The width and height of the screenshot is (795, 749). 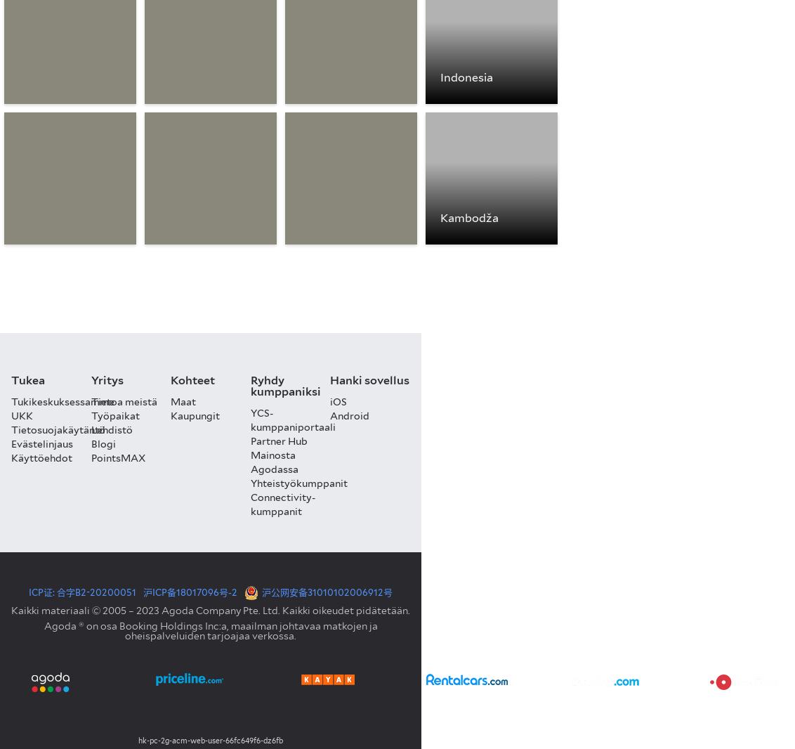 What do you see at coordinates (272, 460) in the screenshot?
I see `'Mainosta Agodassa'` at bounding box center [272, 460].